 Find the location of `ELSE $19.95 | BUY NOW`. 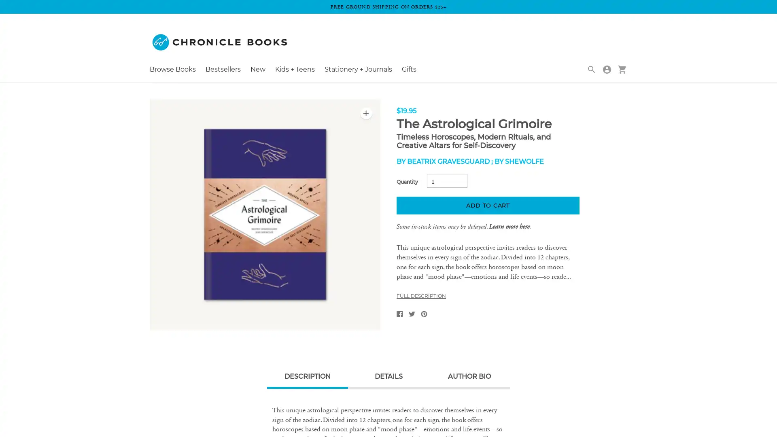

ELSE $19.95 | BUY NOW is located at coordinates (722, 18).